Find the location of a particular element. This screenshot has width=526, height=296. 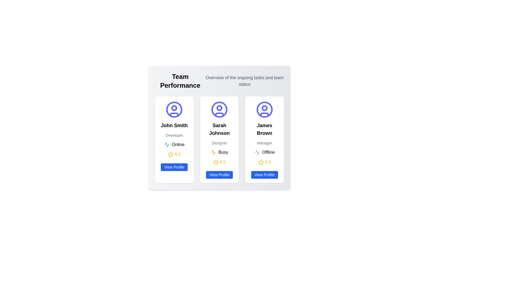

the 'Busy' status indicator text with a wavy line icon in Sarah Johnson's profile card is located at coordinates (219, 152).